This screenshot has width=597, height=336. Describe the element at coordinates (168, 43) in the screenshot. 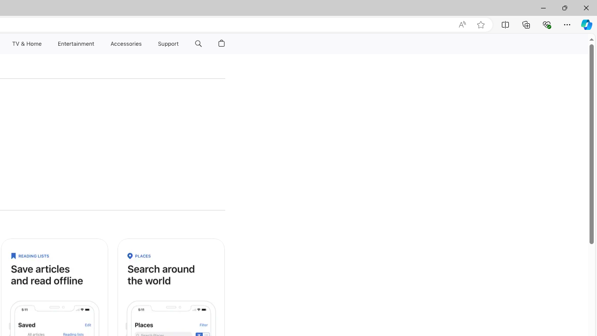

I see `'Support'` at that location.